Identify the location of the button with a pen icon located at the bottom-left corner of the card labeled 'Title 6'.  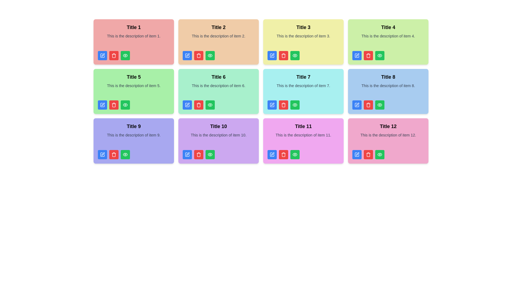
(187, 105).